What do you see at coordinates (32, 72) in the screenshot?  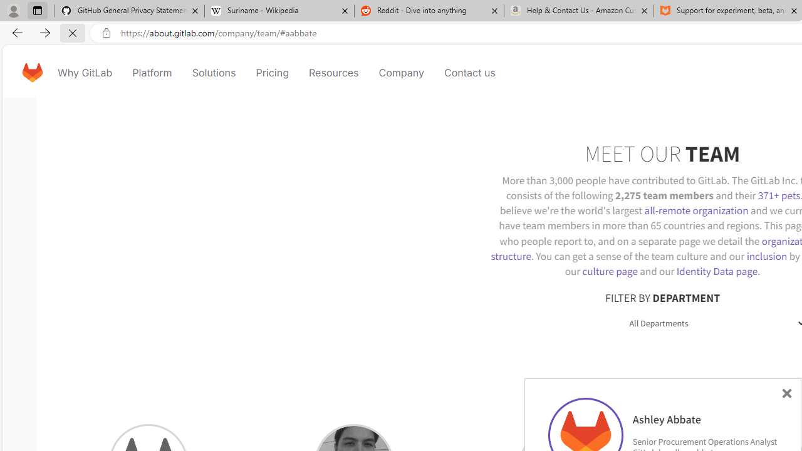 I see `'GitLab home page'` at bounding box center [32, 72].